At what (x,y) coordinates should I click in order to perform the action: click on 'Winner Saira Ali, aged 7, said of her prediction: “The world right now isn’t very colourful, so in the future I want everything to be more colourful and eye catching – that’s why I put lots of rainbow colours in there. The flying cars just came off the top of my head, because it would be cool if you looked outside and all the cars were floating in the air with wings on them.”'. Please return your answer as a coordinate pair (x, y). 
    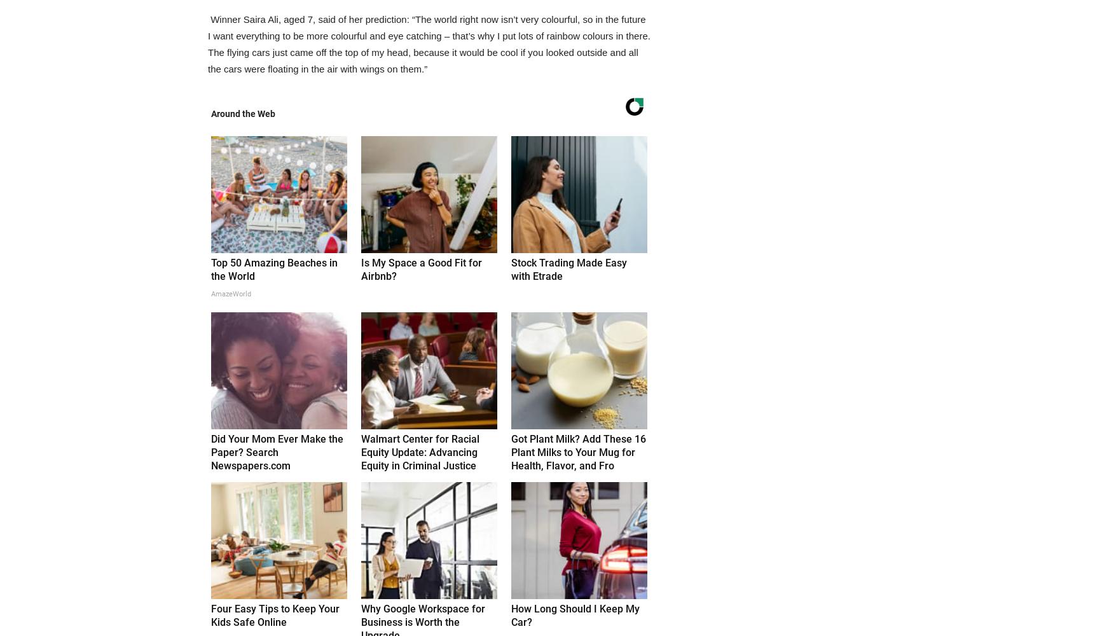
    Looking at the image, I should click on (429, 43).